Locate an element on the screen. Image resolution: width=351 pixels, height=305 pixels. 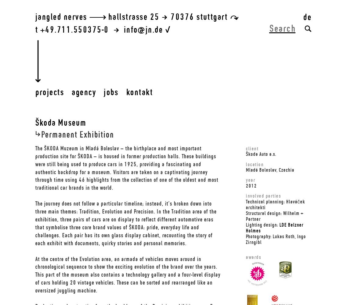
'Technical planning: Hlaváček architekti' is located at coordinates (245, 204).